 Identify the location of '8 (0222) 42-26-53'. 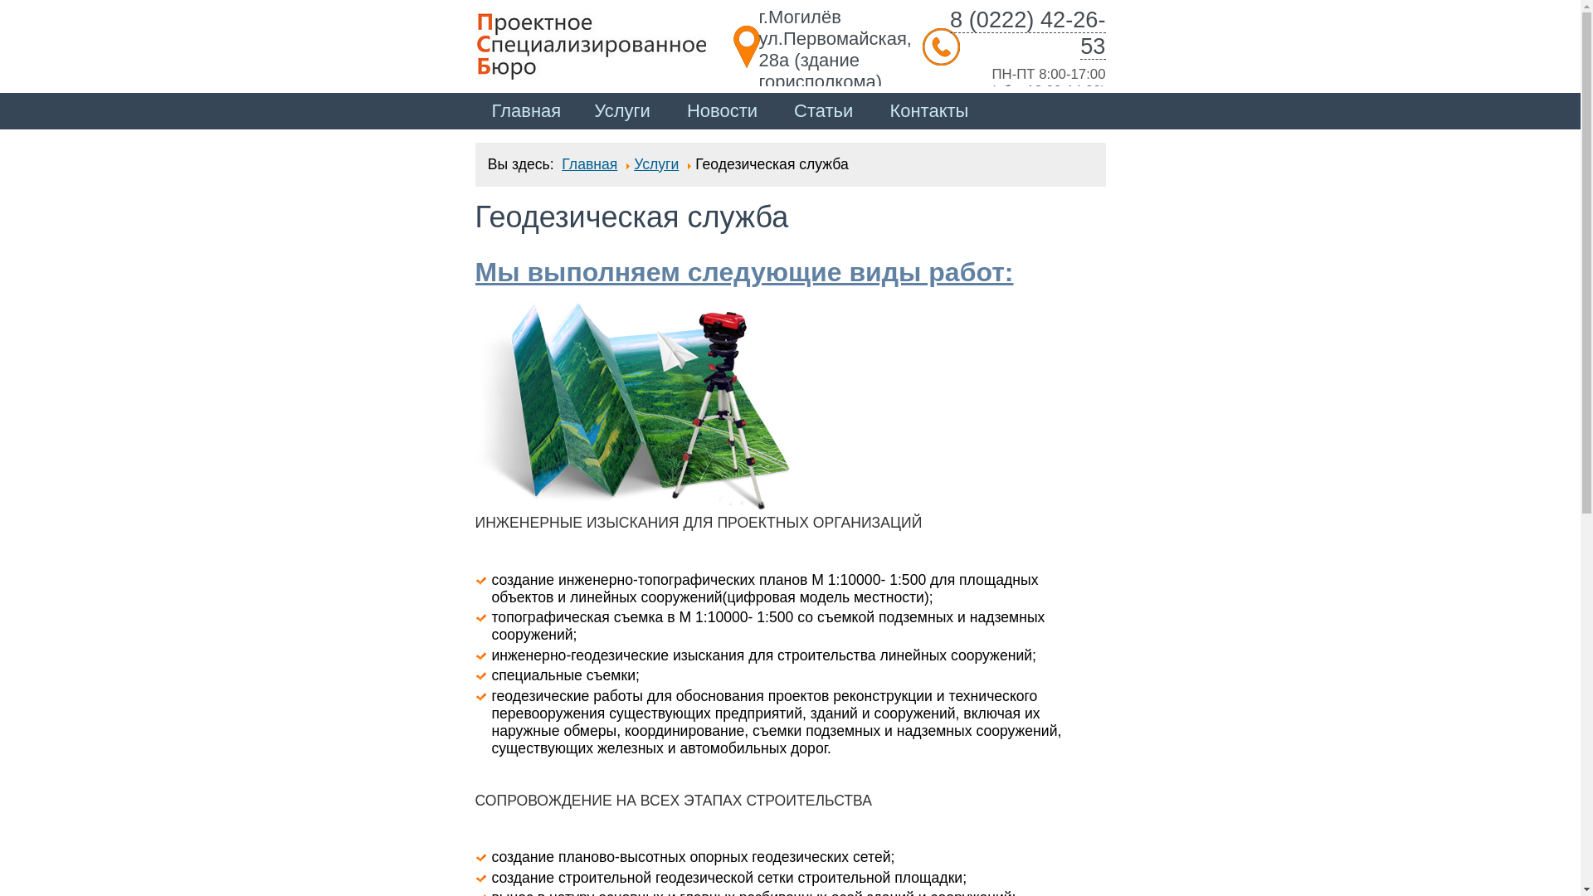
(1025, 32).